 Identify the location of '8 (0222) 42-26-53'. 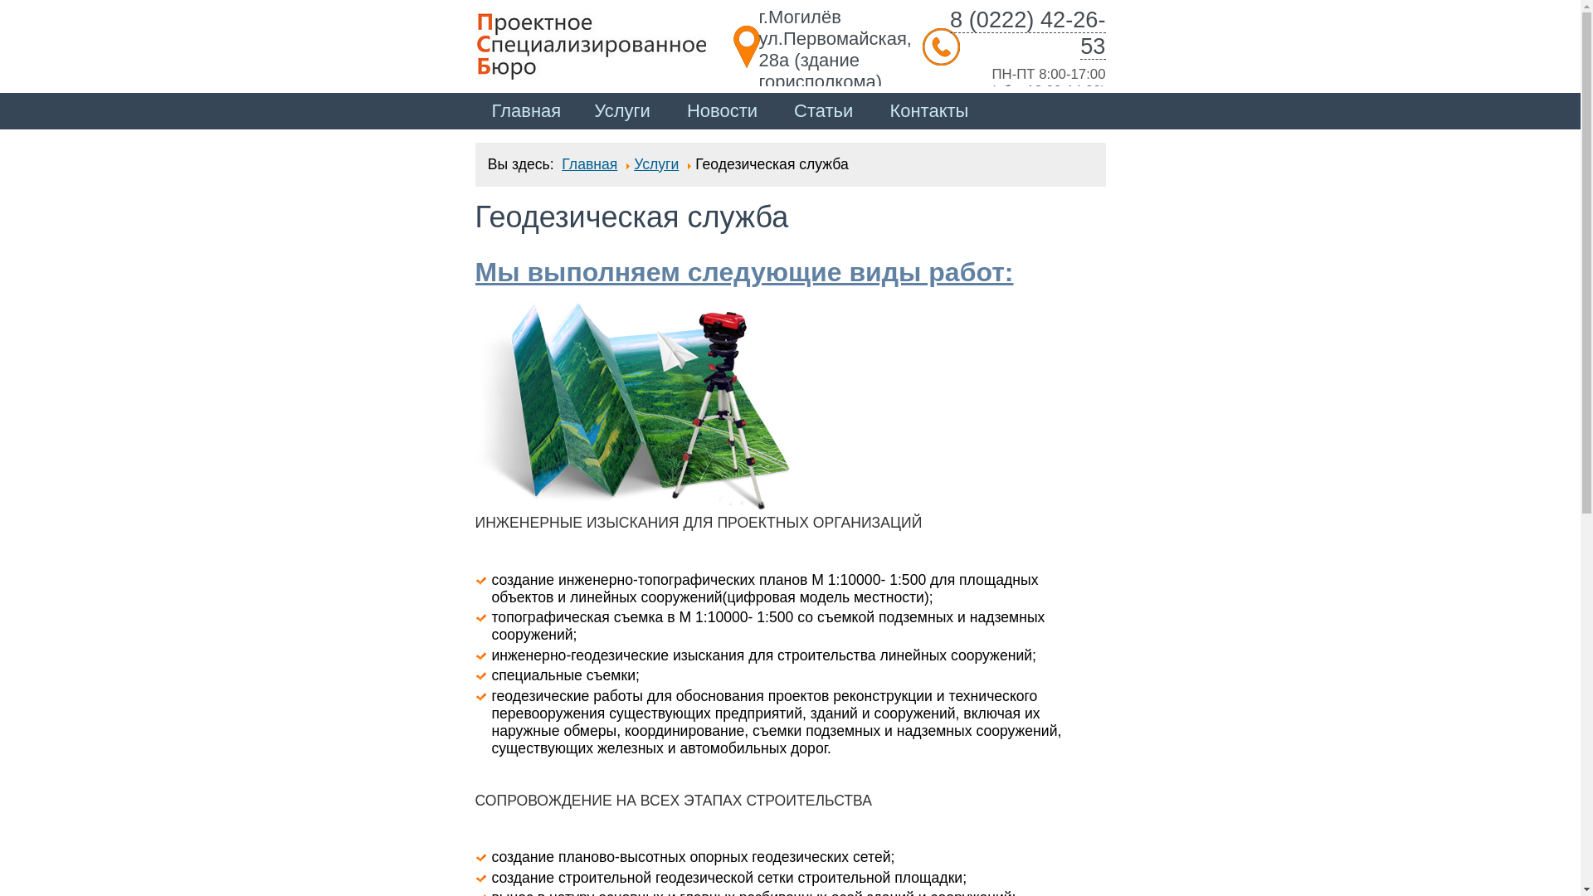
(1025, 32).